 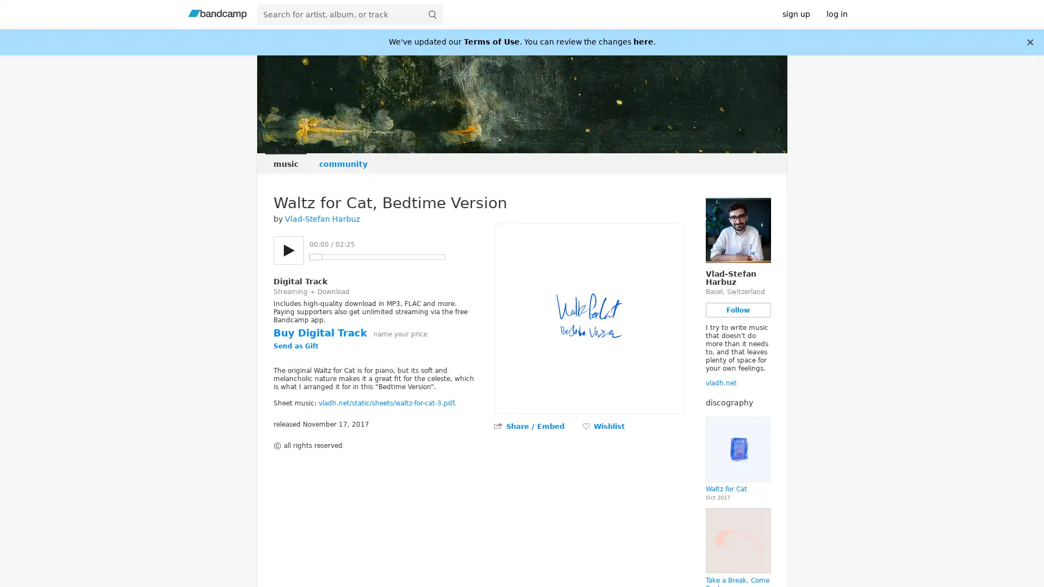 I want to click on Share / Embed, so click(x=535, y=426).